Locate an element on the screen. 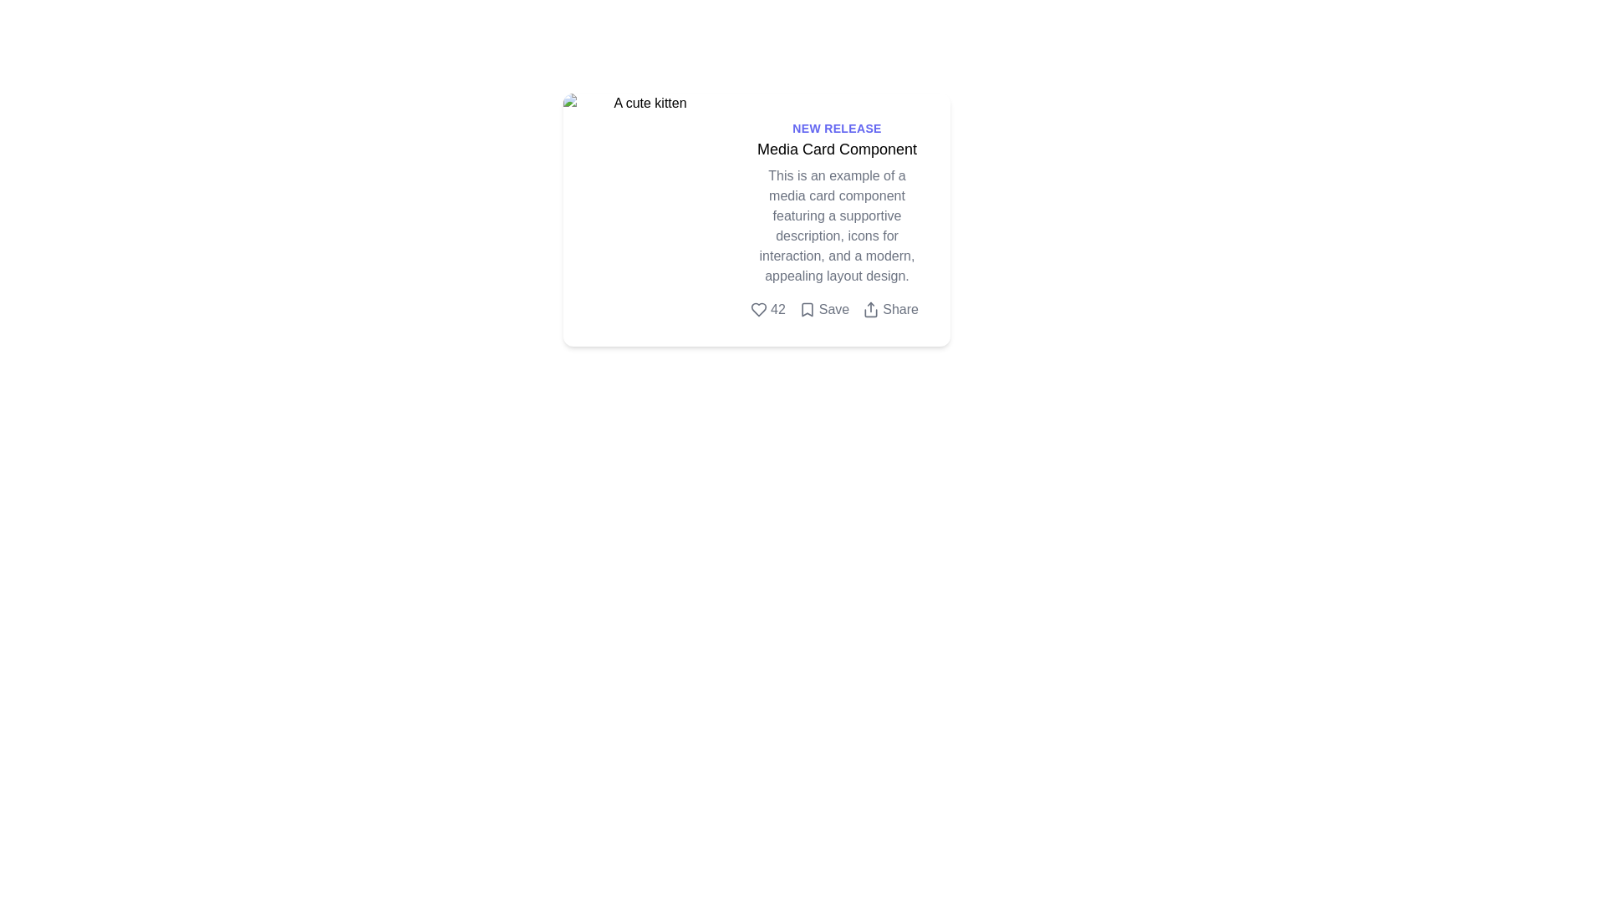 The width and height of the screenshot is (1605, 902). text label displaying 'New Release' in uppercase letters with an indigo-colored serif font, located at the top of the card-like layout is located at coordinates (837, 128).